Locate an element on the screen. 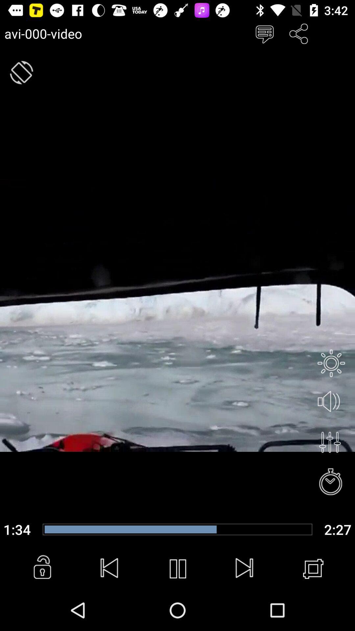  volume symbol is located at coordinates (331, 402).